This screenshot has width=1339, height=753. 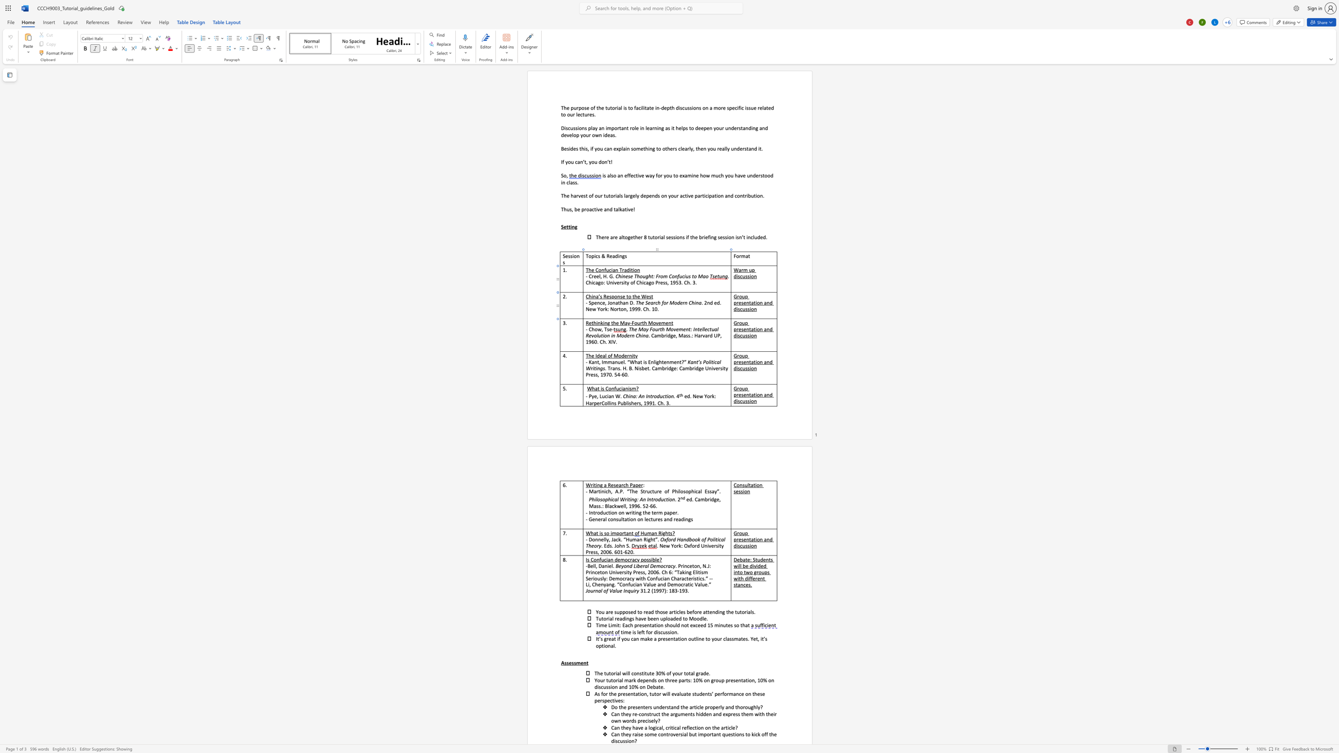 What do you see at coordinates (611, 329) in the screenshot?
I see `the space between the continuous character "e" and "-" in the text` at bounding box center [611, 329].